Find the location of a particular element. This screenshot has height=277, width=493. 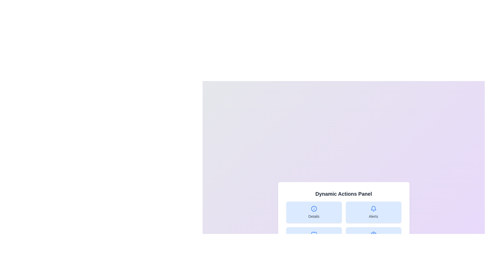

the heart icon located in the bottom-left portion of the dynamic actions panel, below the 'Details' section is located at coordinates (314, 234).